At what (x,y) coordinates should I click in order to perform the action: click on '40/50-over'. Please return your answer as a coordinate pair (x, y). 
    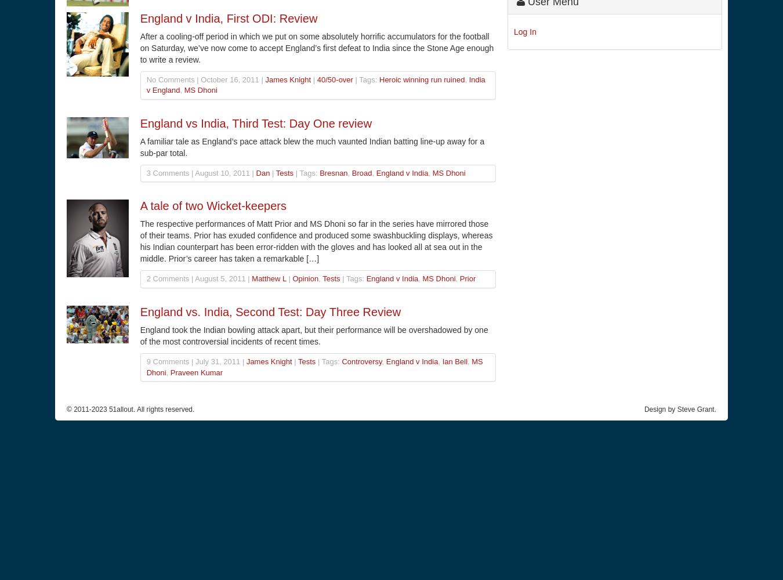
    Looking at the image, I should click on (316, 79).